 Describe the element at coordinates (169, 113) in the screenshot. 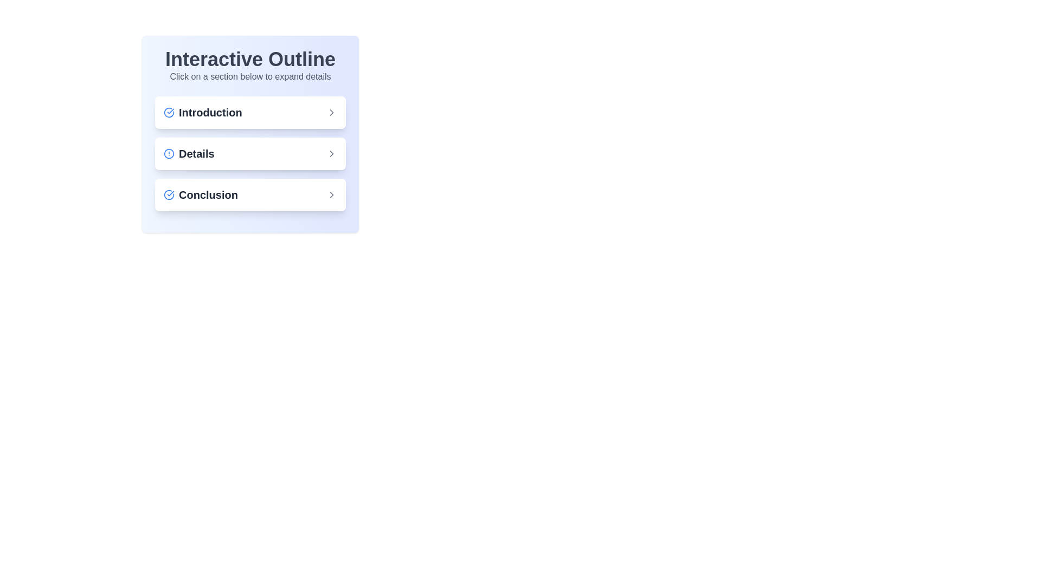

I see `the visual state of the completed or selected state icon located to the left of the 'Introduction' label in the interactive outline` at that location.